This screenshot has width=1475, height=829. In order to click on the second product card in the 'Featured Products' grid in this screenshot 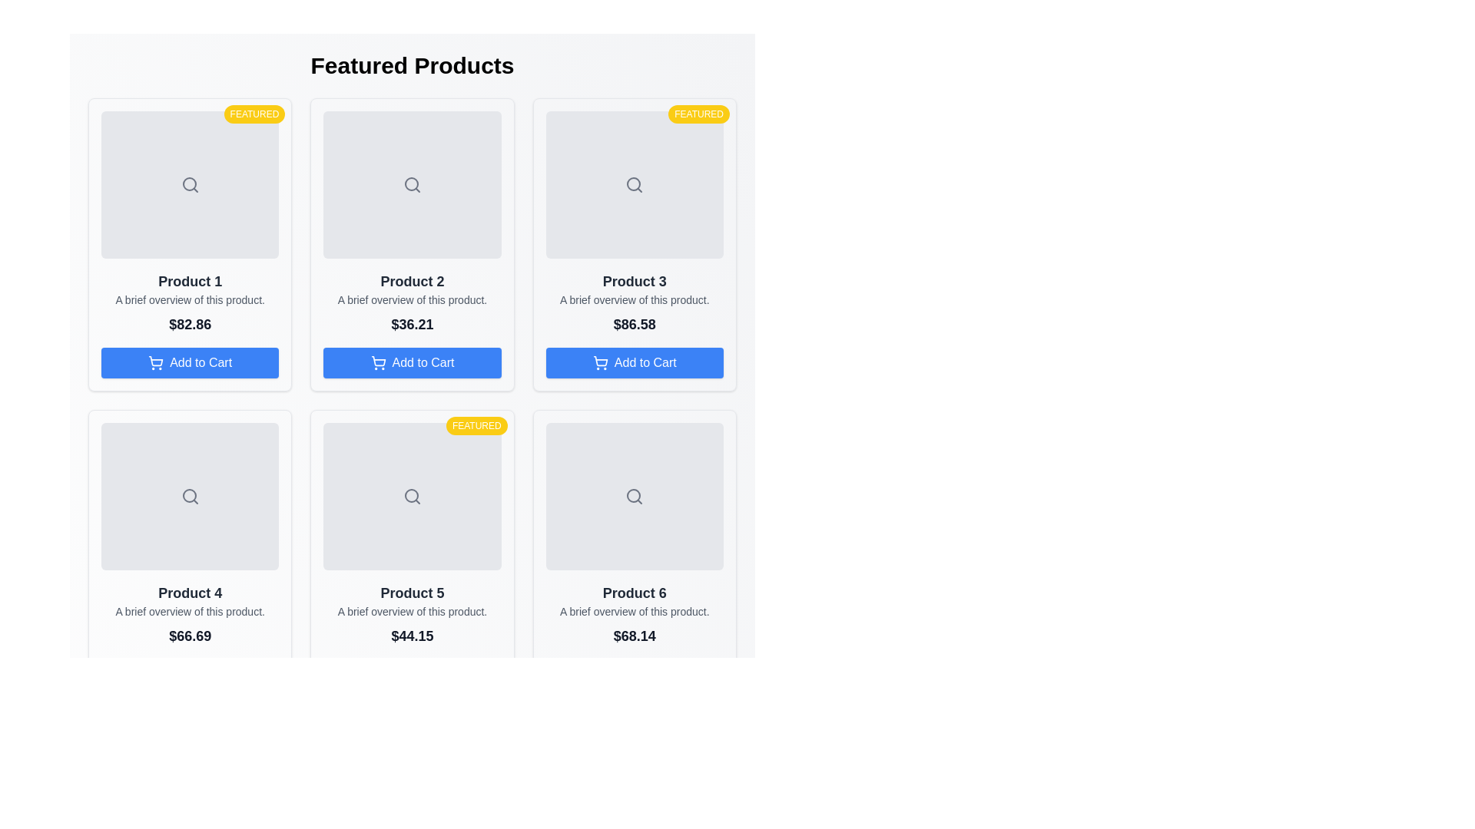, I will do `click(413, 244)`.